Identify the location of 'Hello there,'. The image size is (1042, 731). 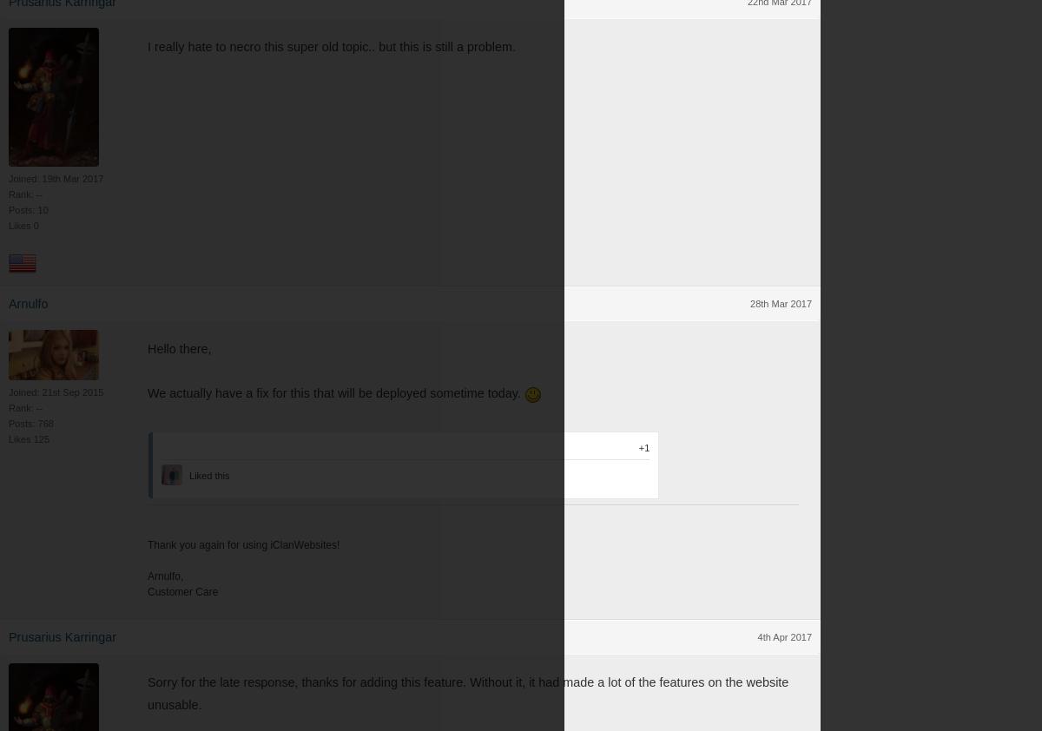
(147, 347).